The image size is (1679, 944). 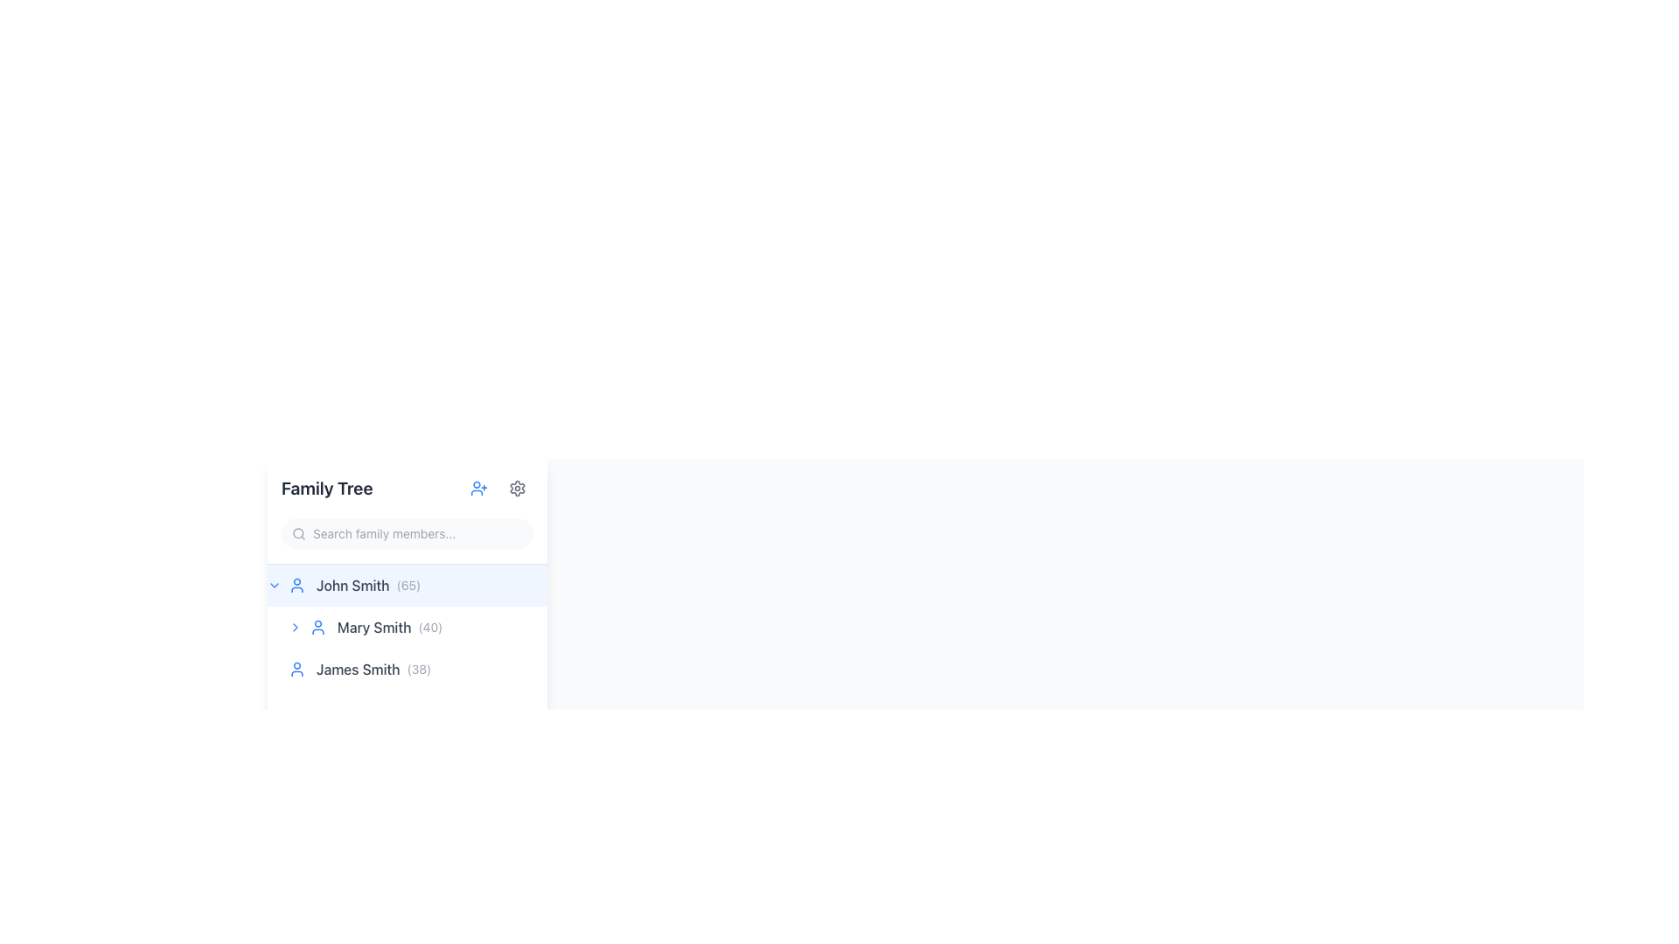 What do you see at coordinates (373, 626) in the screenshot?
I see `the text label representing 'Mary Smith', which serves as an identifier in the list under 'John Smith (65)'` at bounding box center [373, 626].